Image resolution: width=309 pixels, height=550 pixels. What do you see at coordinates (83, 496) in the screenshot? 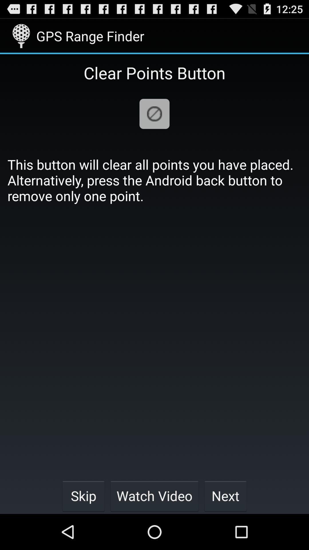
I see `skip at the bottom left corner` at bounding box center [83, 496].